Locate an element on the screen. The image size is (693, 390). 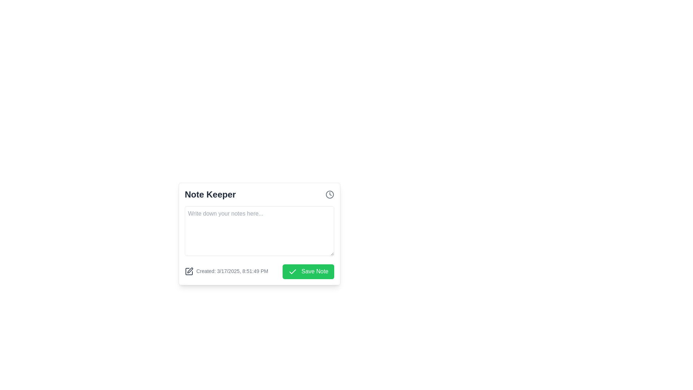
the SVG Circle Graphic element that serves as the circular outline of the clock icon in the top right corner of the 'Note Keeper' interface is located at coordinates (329, 194).